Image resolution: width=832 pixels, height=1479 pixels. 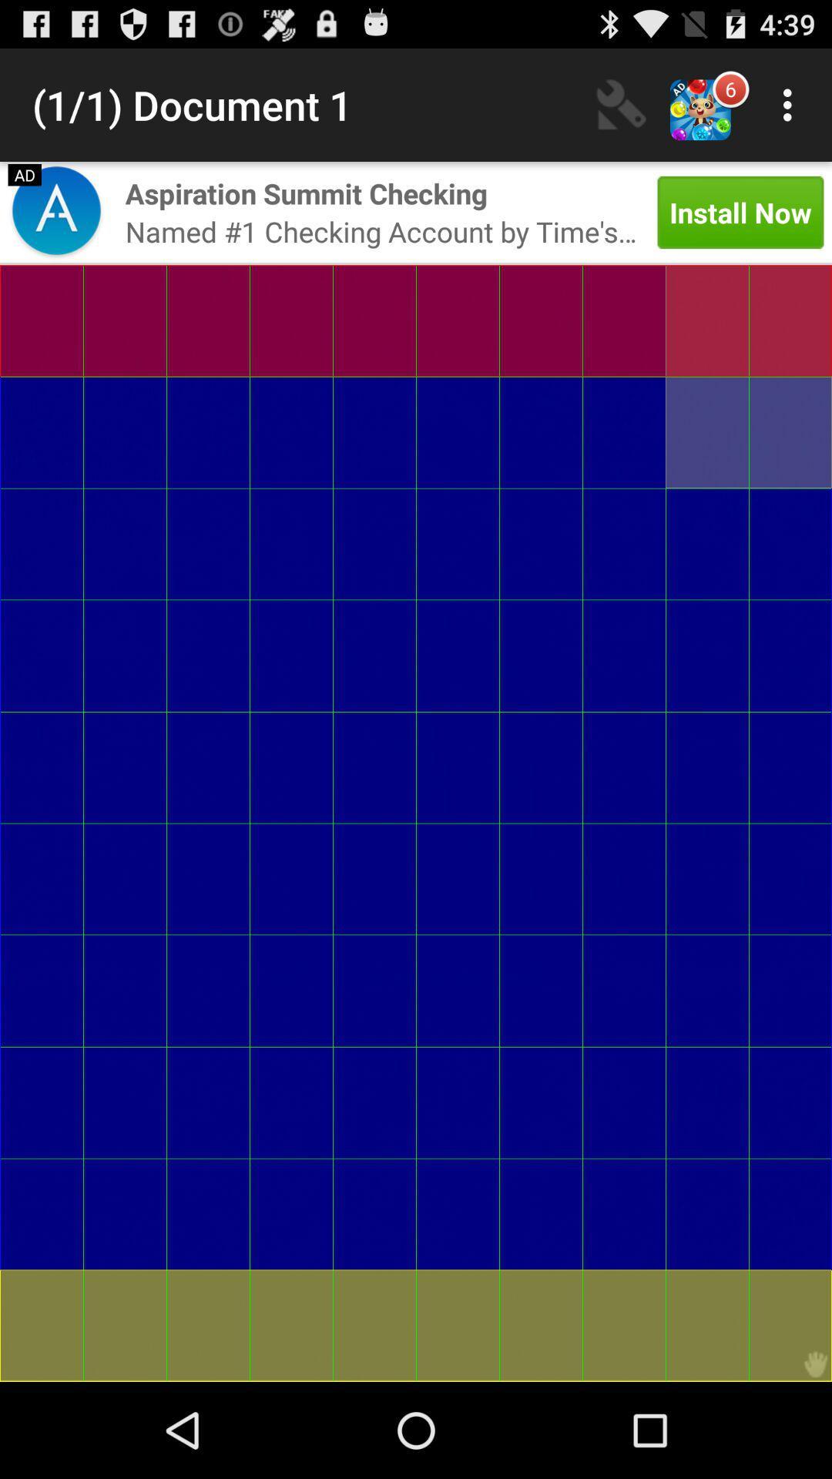 I want to click on item next to 1 1 document item, so click(x=620, y=104).